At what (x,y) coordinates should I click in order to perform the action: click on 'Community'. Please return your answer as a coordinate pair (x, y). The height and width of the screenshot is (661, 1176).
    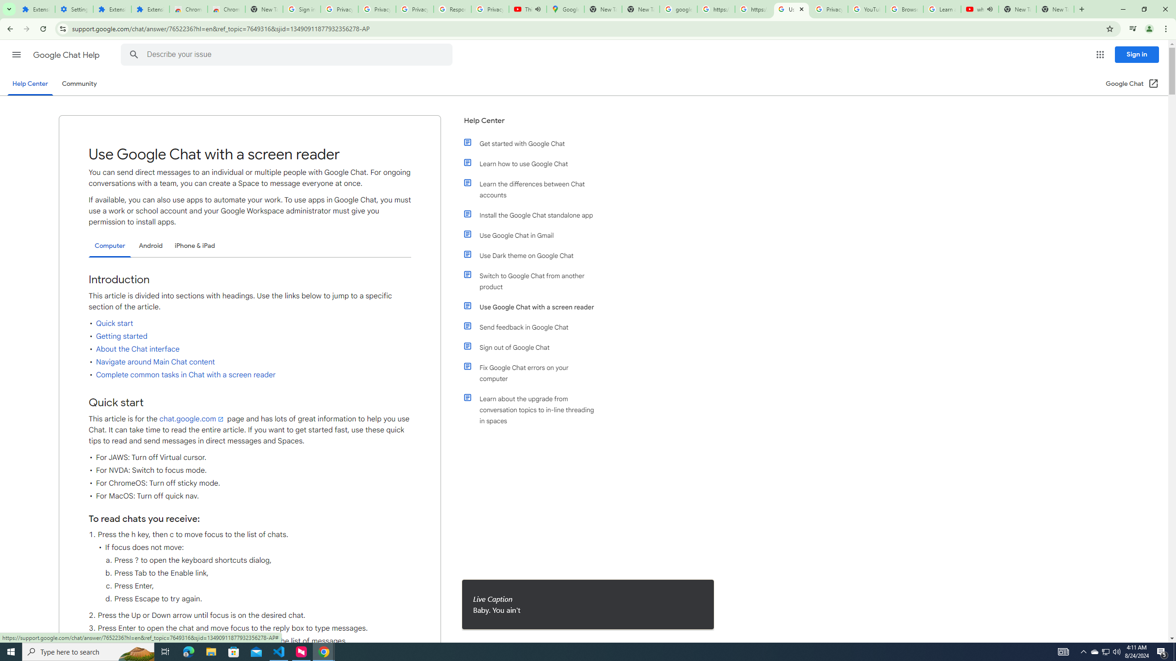
    Looking at the image, I should click on (79, 83).